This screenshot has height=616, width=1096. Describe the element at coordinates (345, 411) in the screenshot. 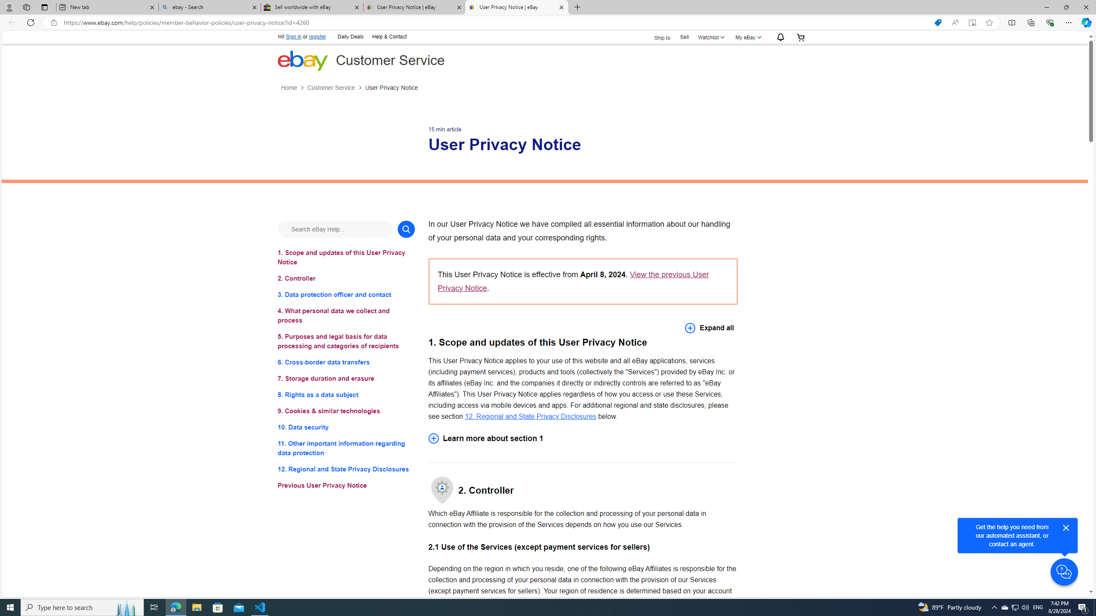

I see `'9. Cookies & similar technologies'` at that location.